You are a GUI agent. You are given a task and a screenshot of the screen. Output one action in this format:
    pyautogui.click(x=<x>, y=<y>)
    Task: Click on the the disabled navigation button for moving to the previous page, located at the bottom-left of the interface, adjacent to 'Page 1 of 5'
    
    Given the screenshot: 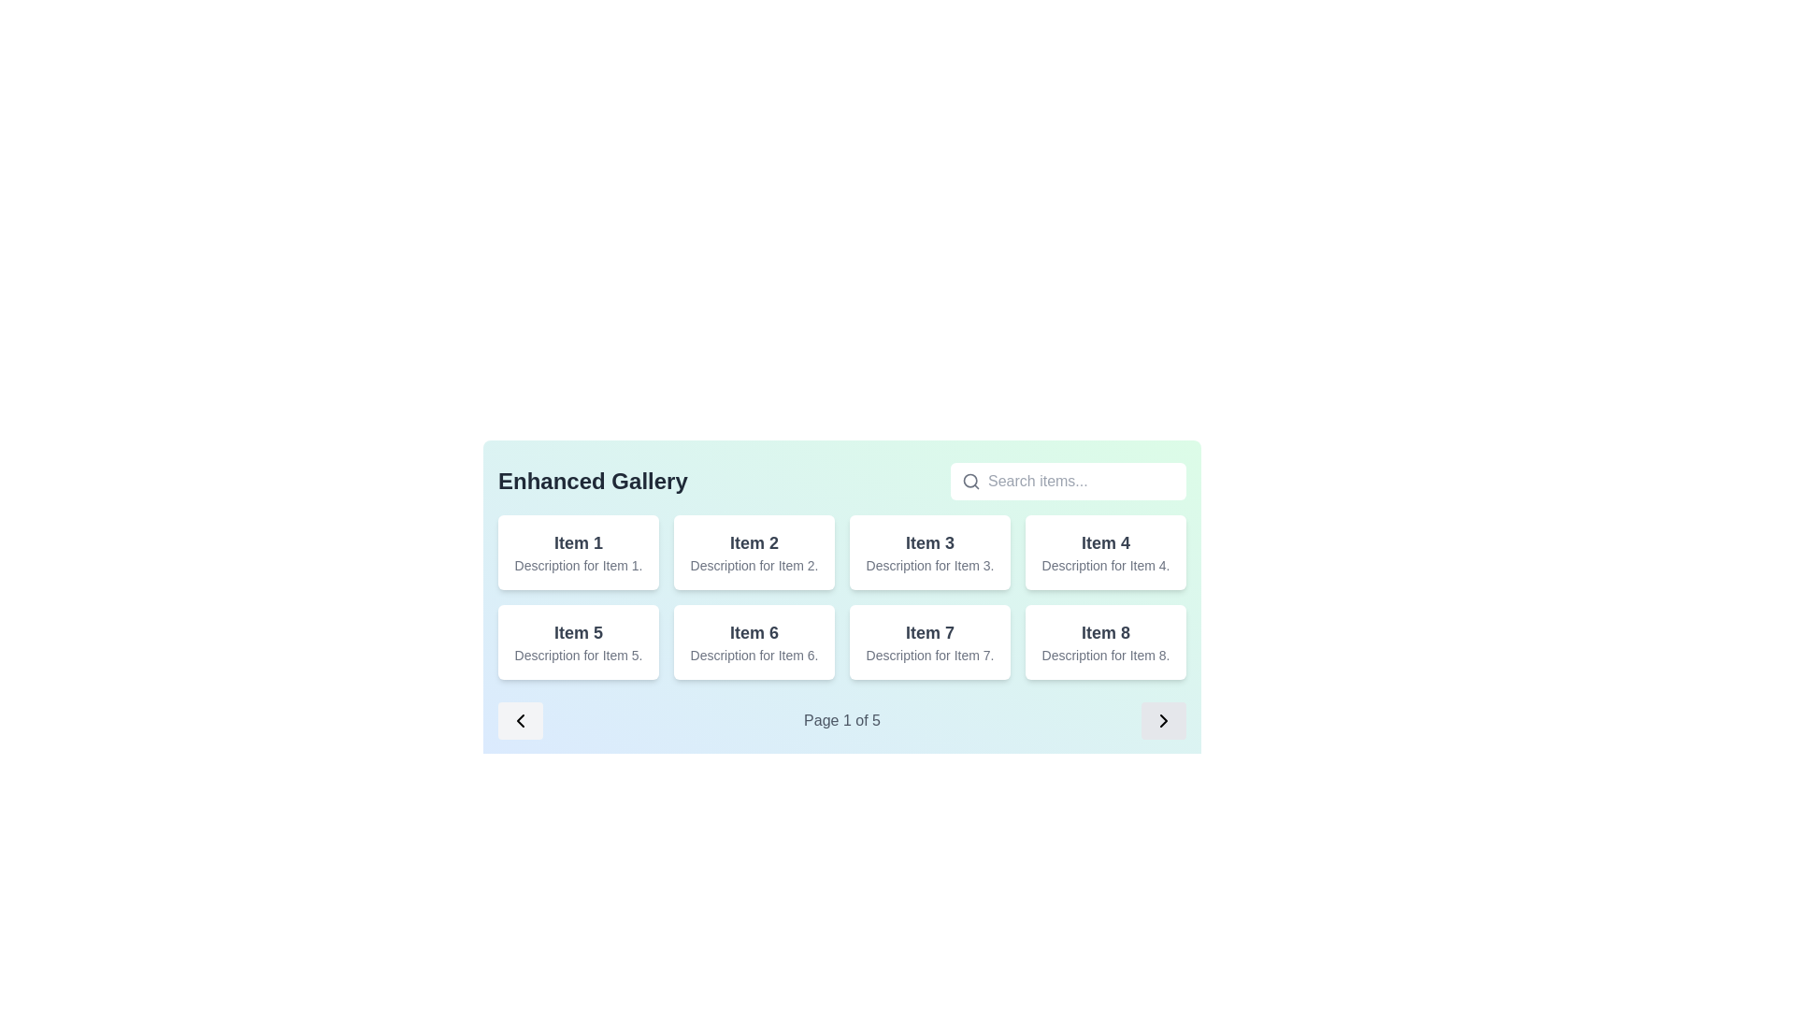 What is the action you would take?
    pyautogui.click(x=520, y=720)
    